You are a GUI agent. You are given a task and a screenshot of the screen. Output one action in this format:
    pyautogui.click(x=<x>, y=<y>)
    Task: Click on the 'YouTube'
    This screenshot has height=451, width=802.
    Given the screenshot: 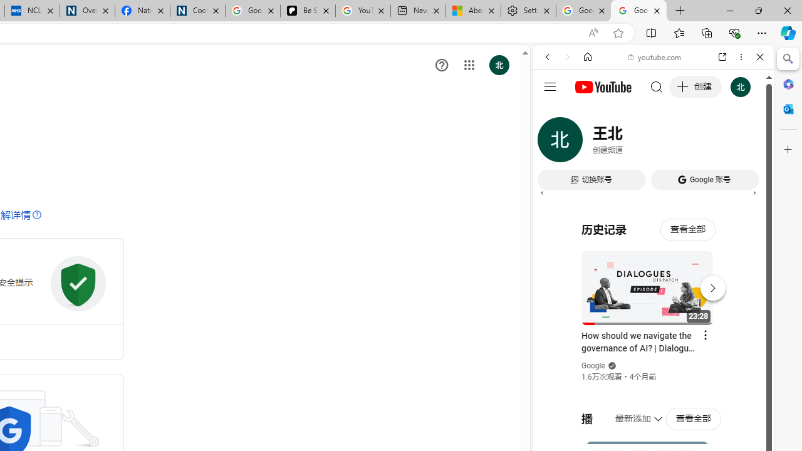 What is the action you would take?
    pyautogui.click(x=648, y=186)
    